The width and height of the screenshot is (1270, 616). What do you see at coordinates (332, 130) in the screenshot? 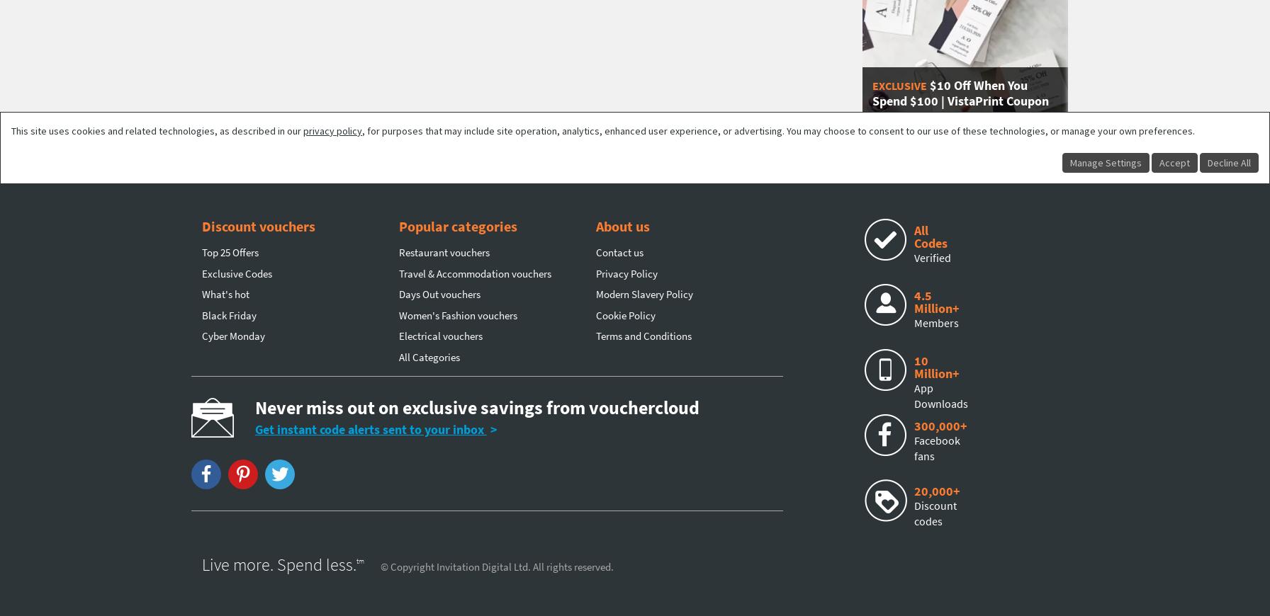
I see `'privacy policy'` at bounding box center [332, 130].